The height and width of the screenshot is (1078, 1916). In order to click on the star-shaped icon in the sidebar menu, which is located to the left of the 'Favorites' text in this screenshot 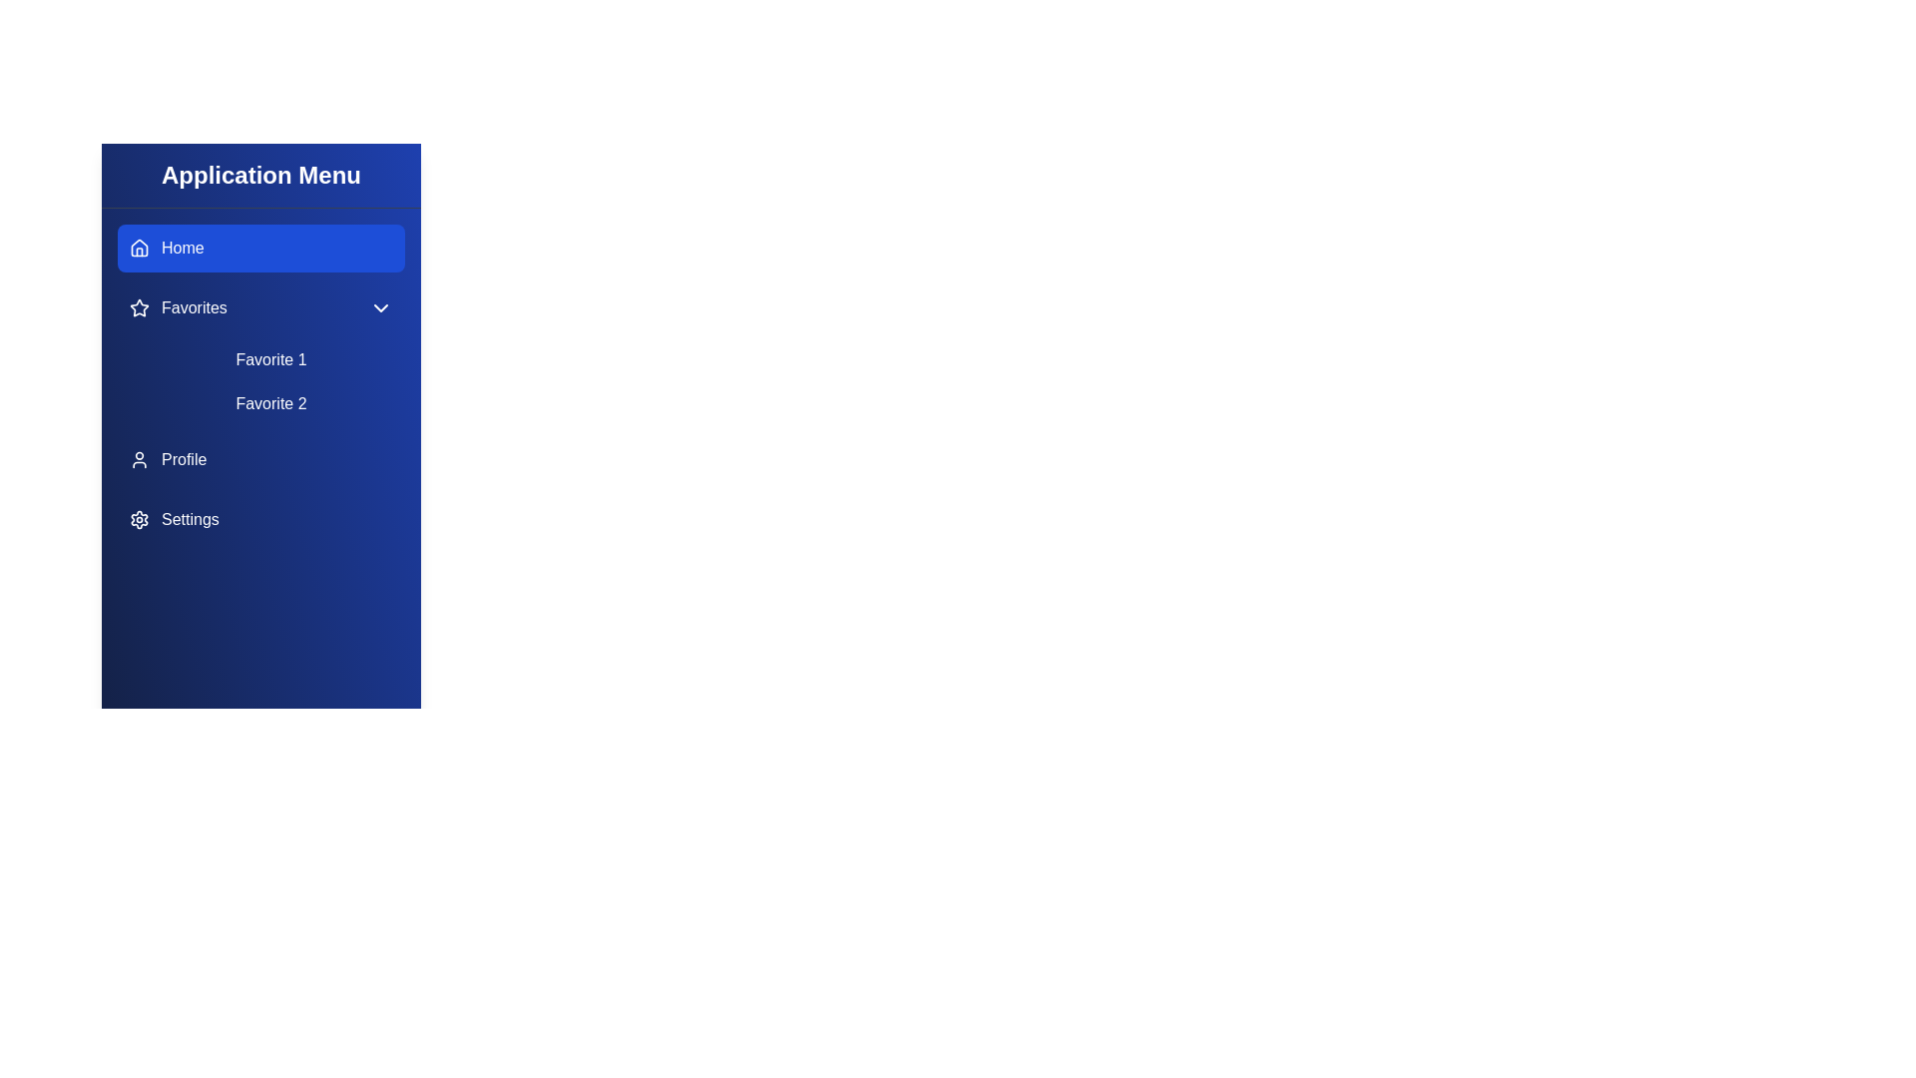, I will do `click(138, 307)`.